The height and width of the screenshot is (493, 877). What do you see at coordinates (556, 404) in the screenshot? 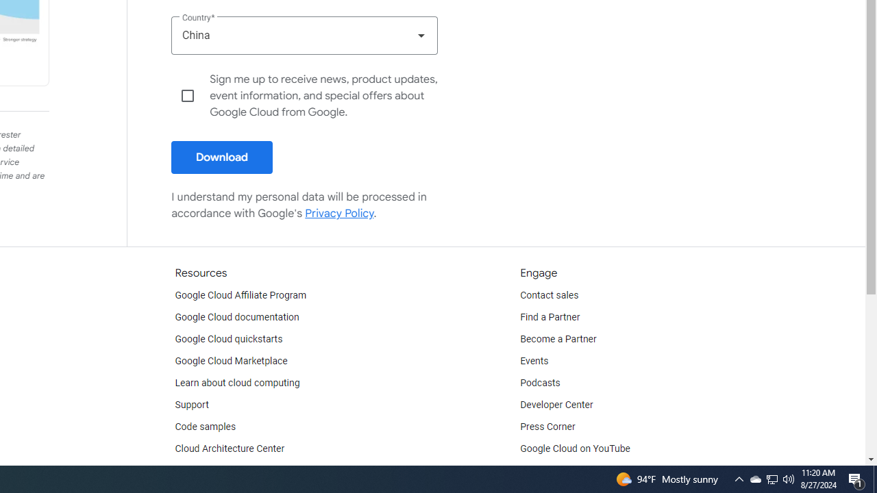
I see `'Developer Center'` at bounding box center [556, 404].